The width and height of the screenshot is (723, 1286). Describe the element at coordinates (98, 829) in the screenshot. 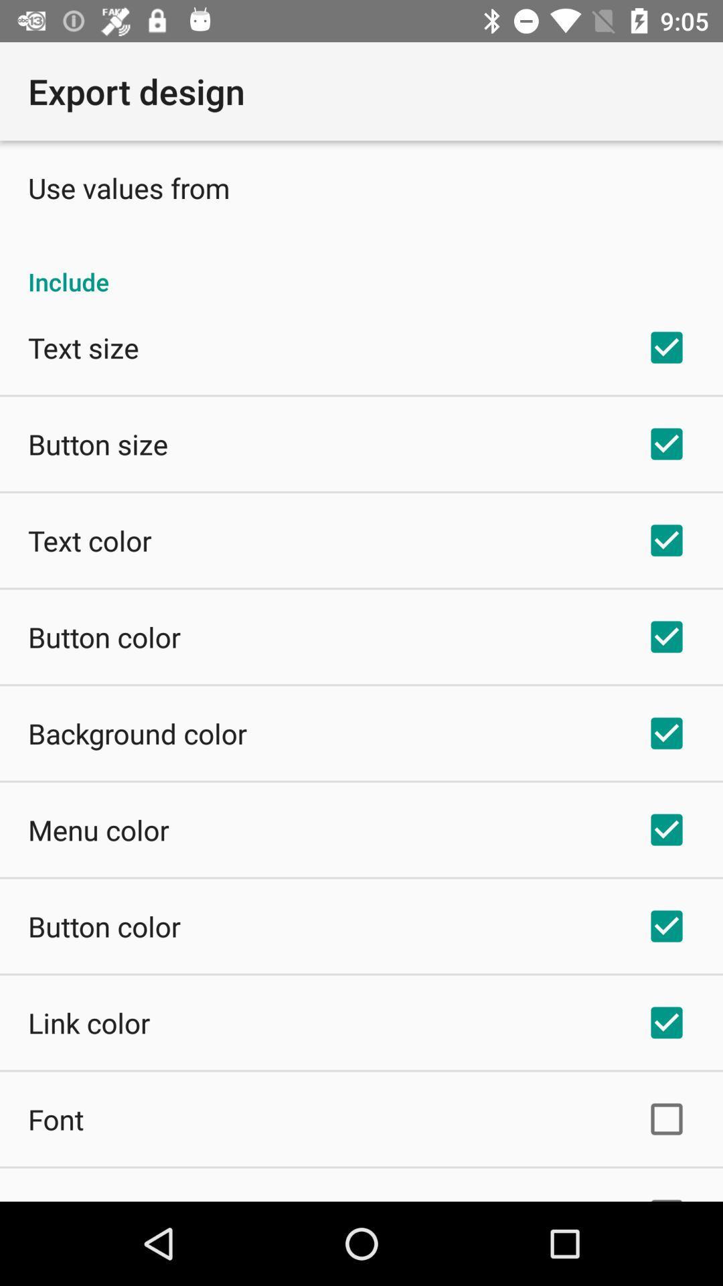

I see `item above button color item` at that location.